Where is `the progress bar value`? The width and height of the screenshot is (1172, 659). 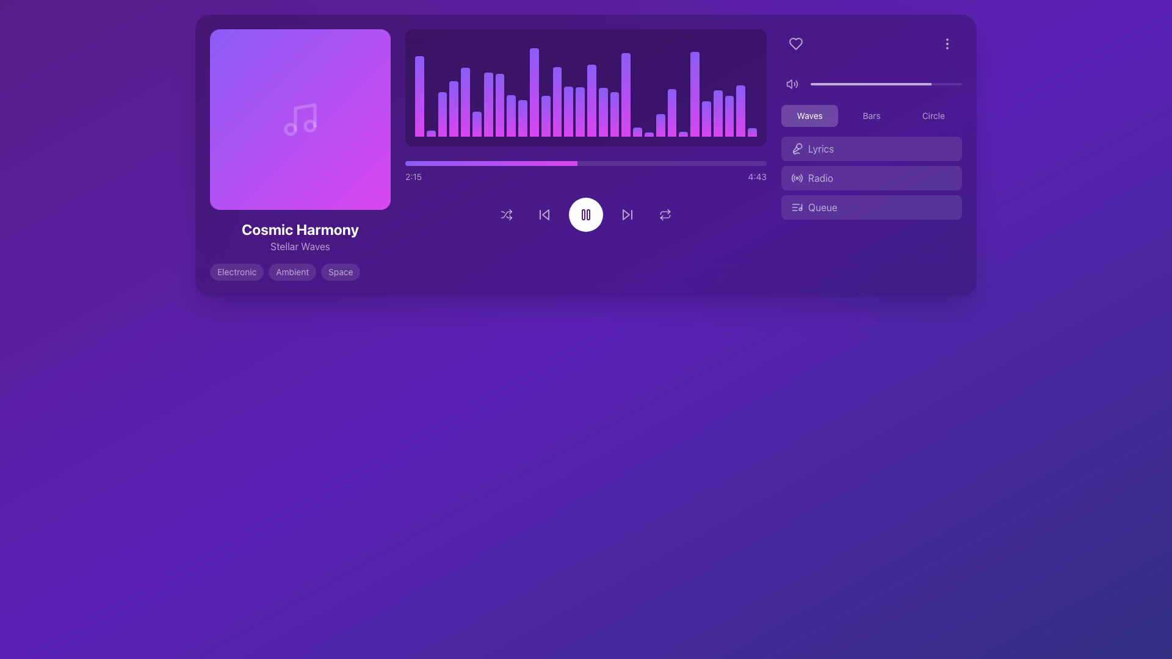
the progress bar value is located at coordinates (515, 162).